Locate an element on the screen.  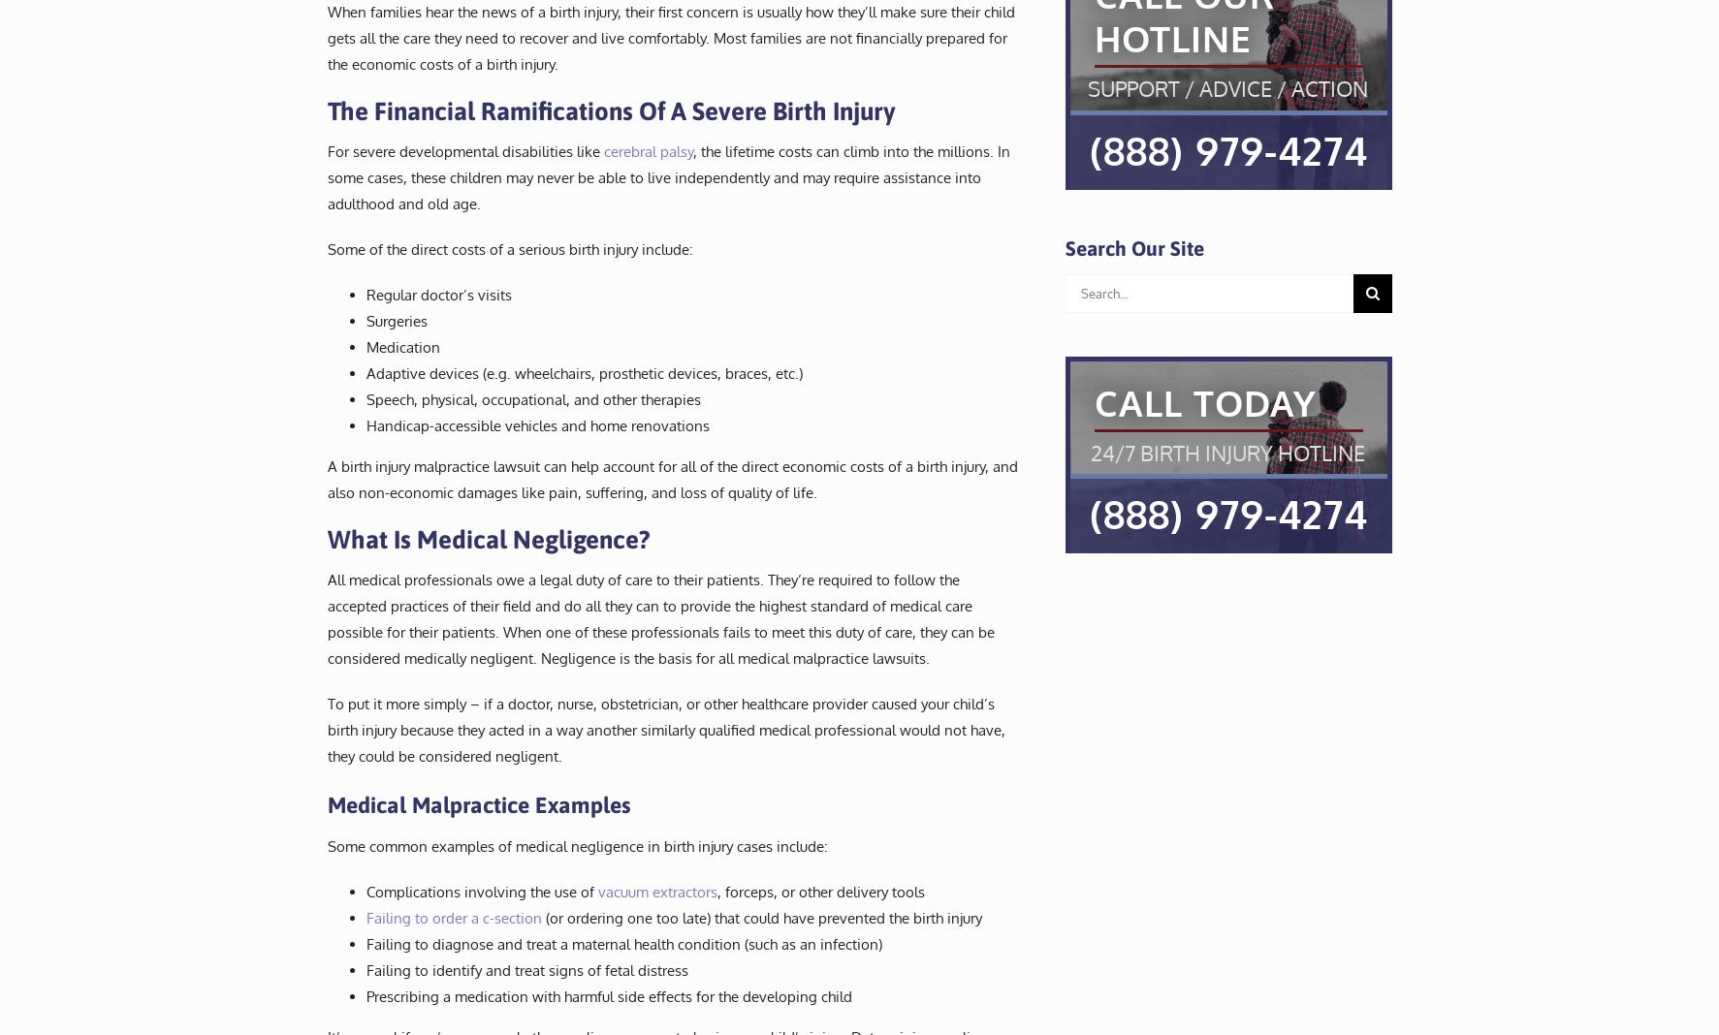
'Virginia' is located at coordinates (869, 60).